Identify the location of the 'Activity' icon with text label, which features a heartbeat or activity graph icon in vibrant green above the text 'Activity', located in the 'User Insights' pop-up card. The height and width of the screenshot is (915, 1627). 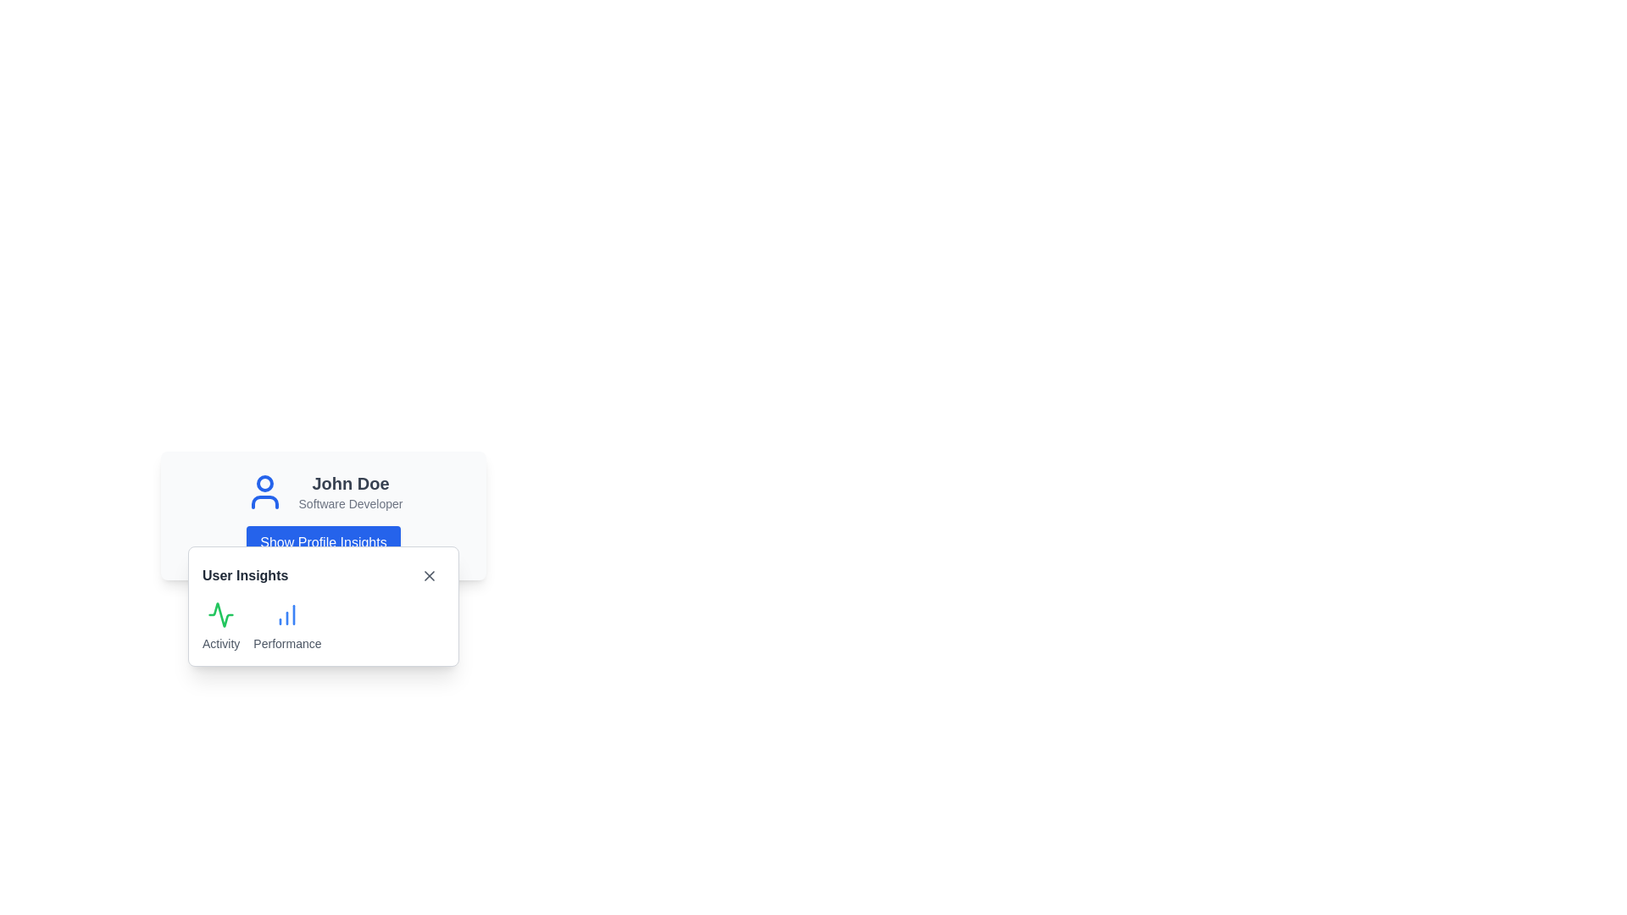
(220, 627).